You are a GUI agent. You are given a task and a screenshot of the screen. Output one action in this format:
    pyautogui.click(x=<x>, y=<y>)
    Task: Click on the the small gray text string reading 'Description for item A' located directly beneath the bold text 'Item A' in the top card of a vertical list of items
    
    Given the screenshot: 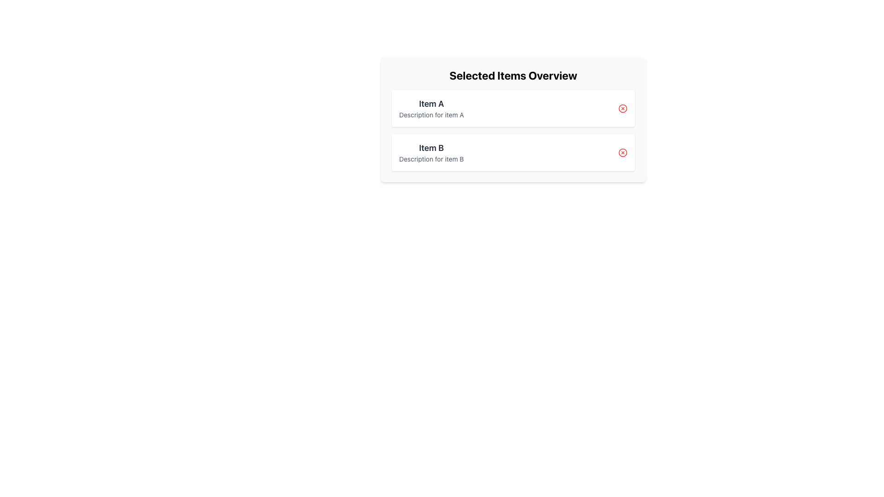 What is the action you would take?
    pyautogui.click(x=431, y=115)
    